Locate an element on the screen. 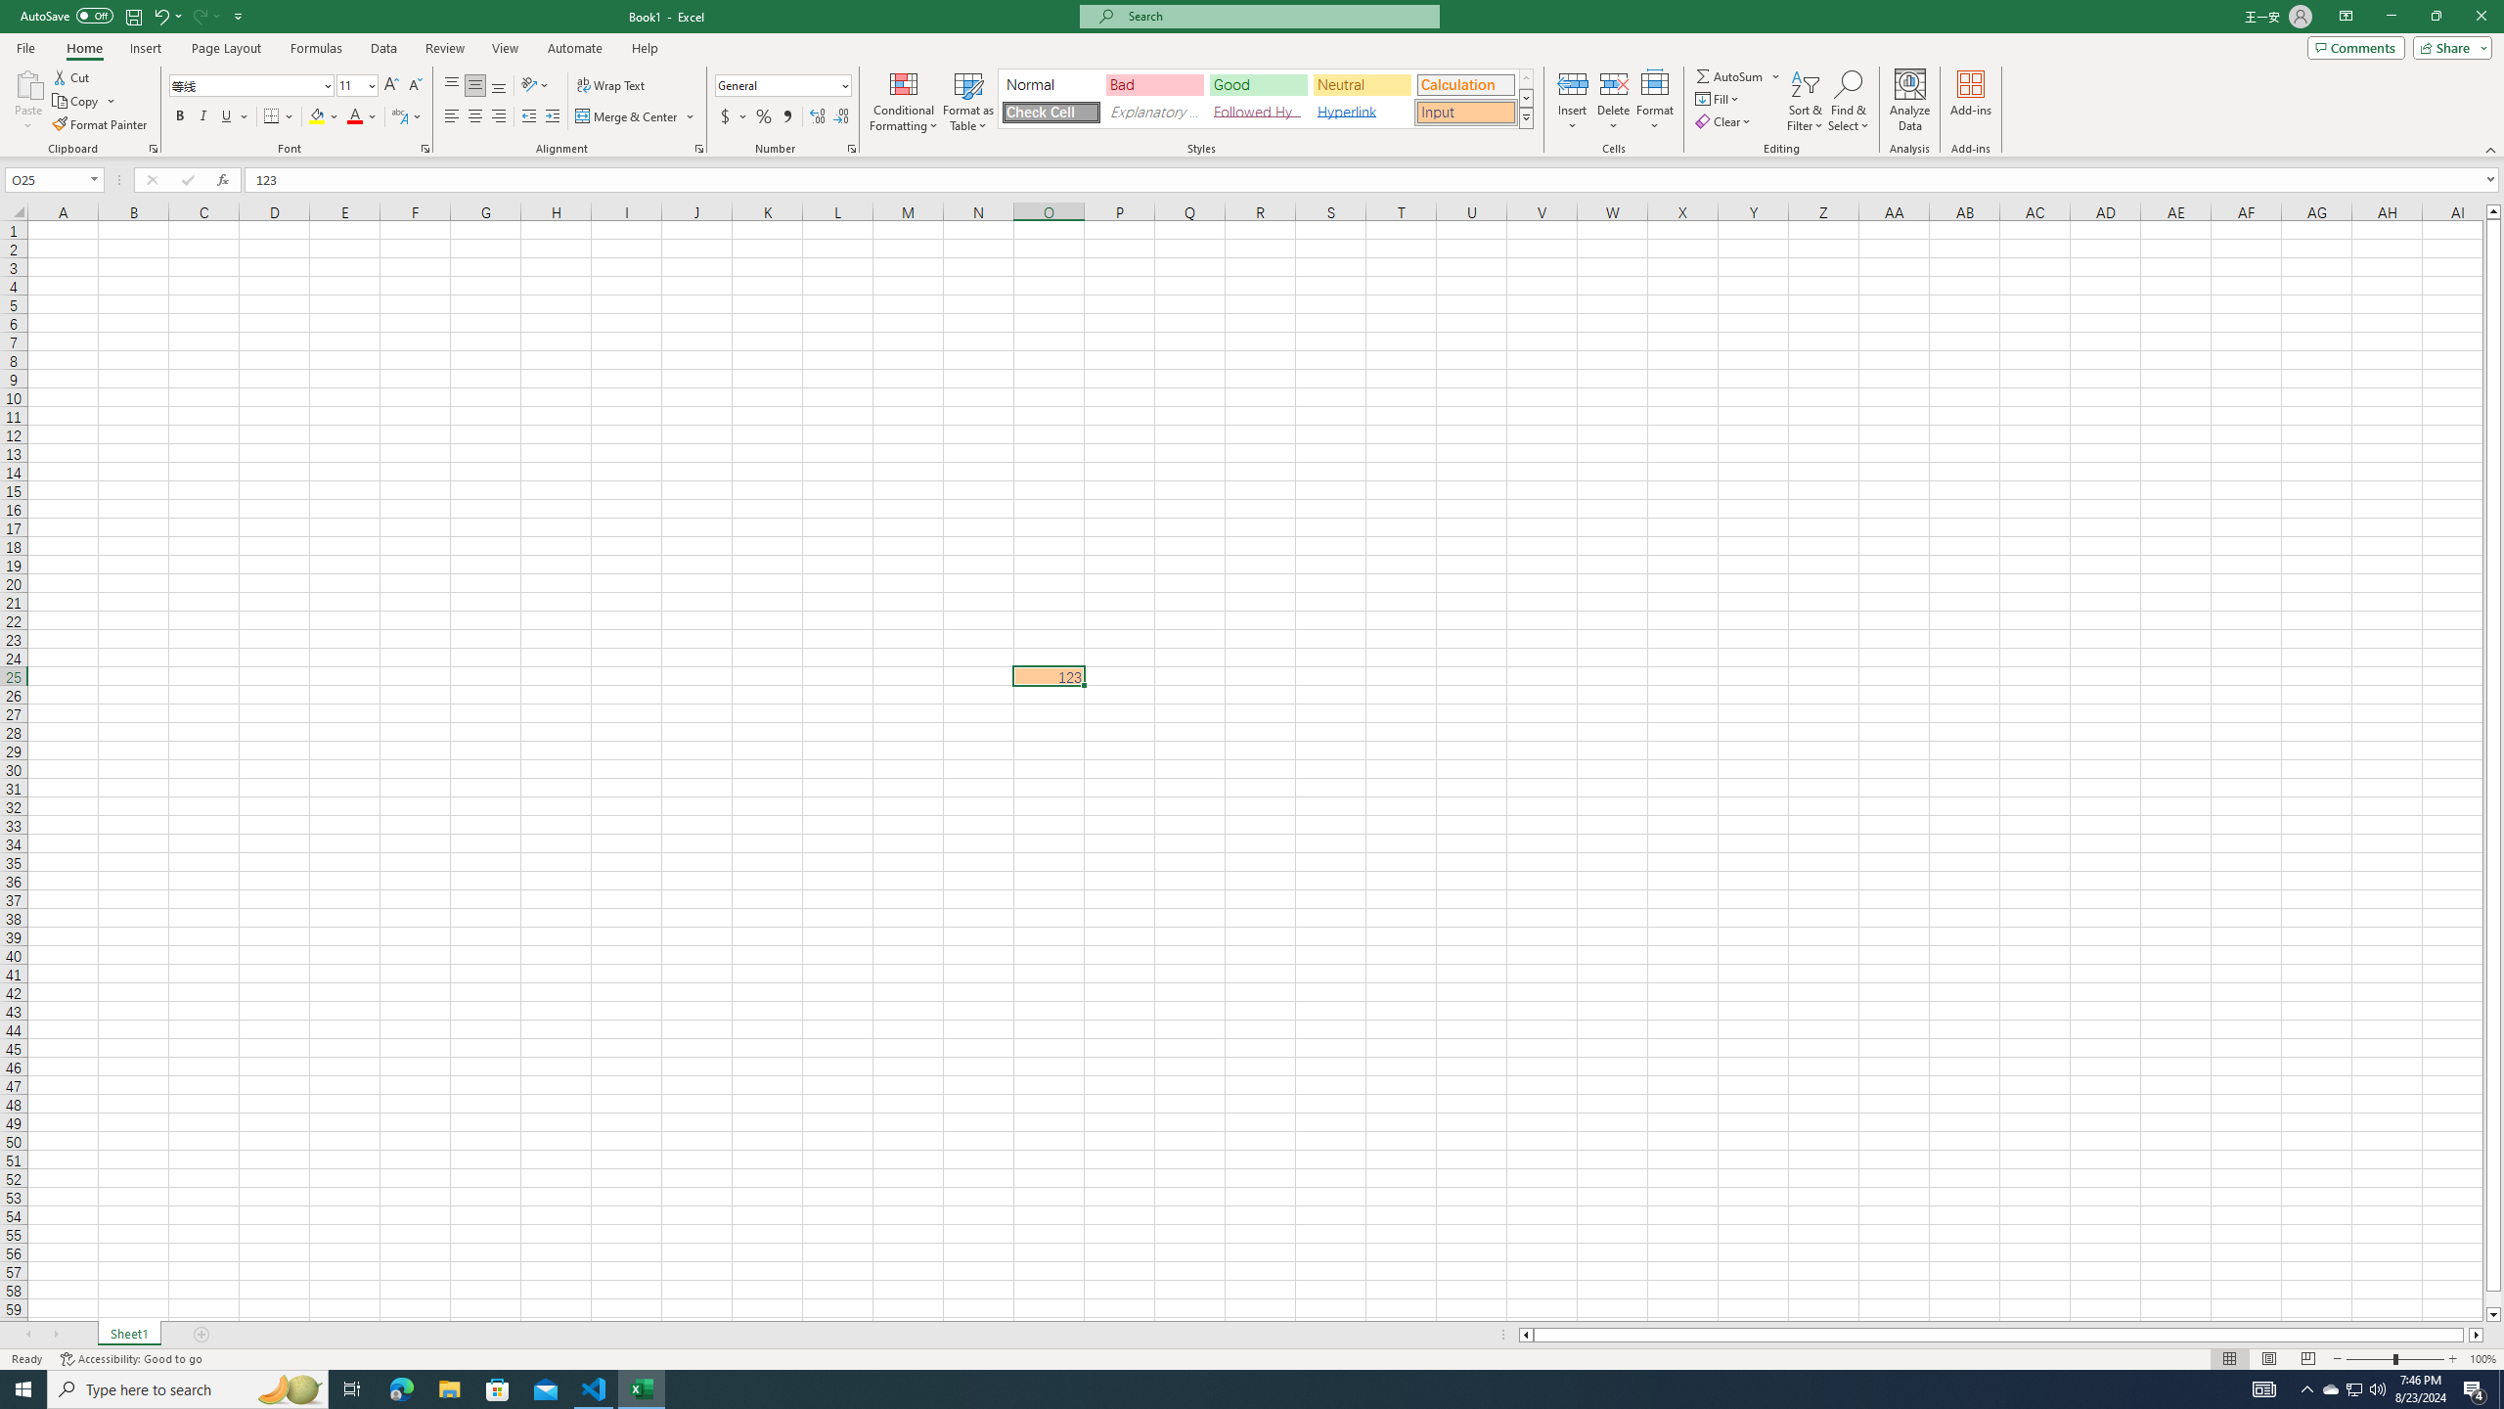 The height and width of the screenshot is (1409, 2504). 'Fill Color RGB(255, 255, 0)' is located at coordinates (315, 115).